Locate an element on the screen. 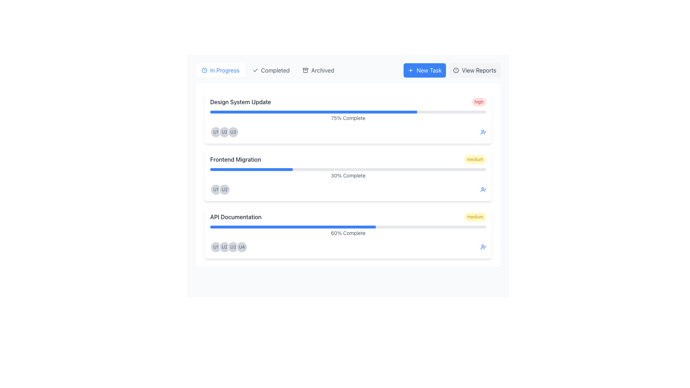  the 'New Task' button is located at coordinates (425, 70).